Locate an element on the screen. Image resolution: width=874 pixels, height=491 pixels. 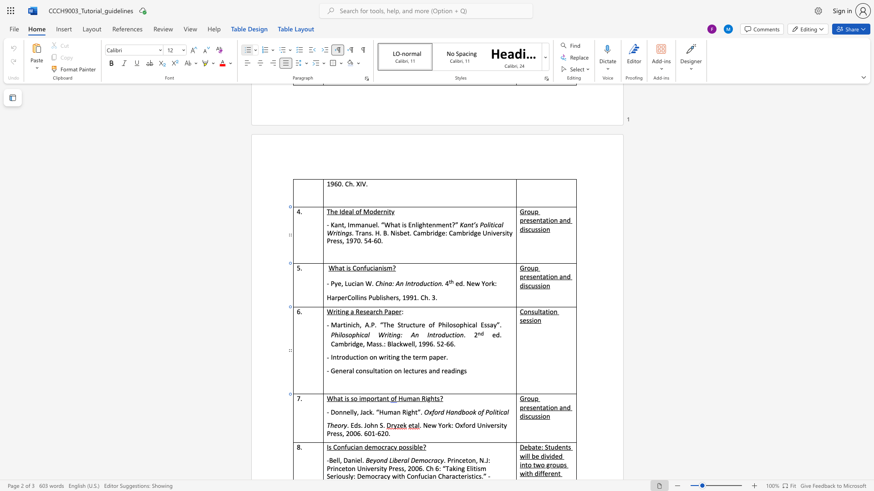
the 4th character "s" in the text is located at coordinates (530, 320).